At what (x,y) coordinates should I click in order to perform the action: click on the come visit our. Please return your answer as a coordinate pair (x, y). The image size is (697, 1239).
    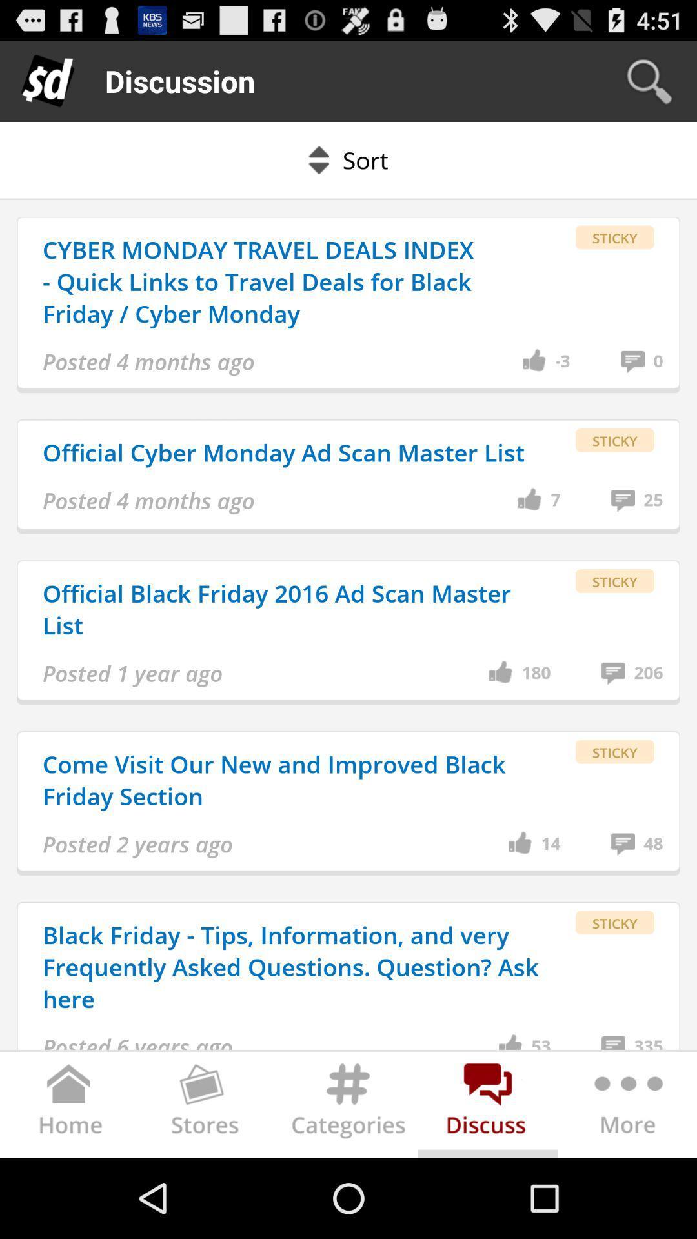
    Looking at the image, I should click on (293, 780).